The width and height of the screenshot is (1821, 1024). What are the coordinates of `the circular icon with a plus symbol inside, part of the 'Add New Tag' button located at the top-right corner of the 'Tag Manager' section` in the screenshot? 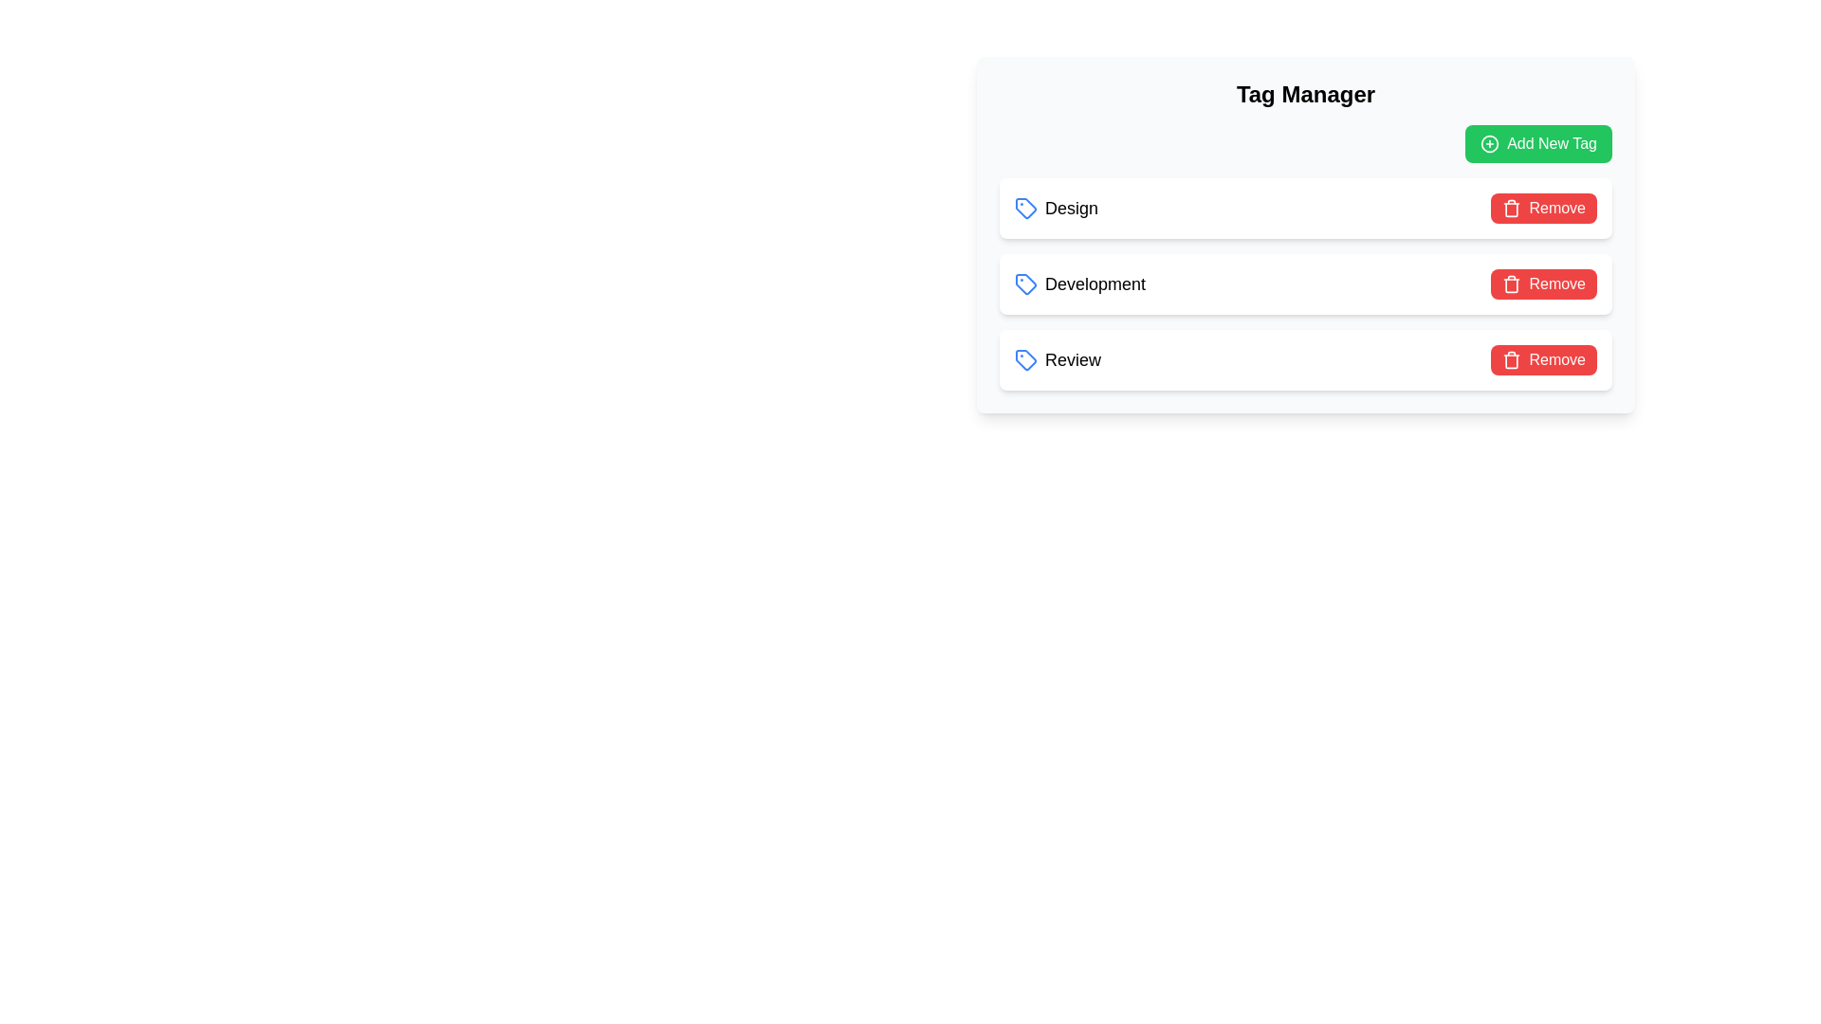 It's located at (1489, 142).